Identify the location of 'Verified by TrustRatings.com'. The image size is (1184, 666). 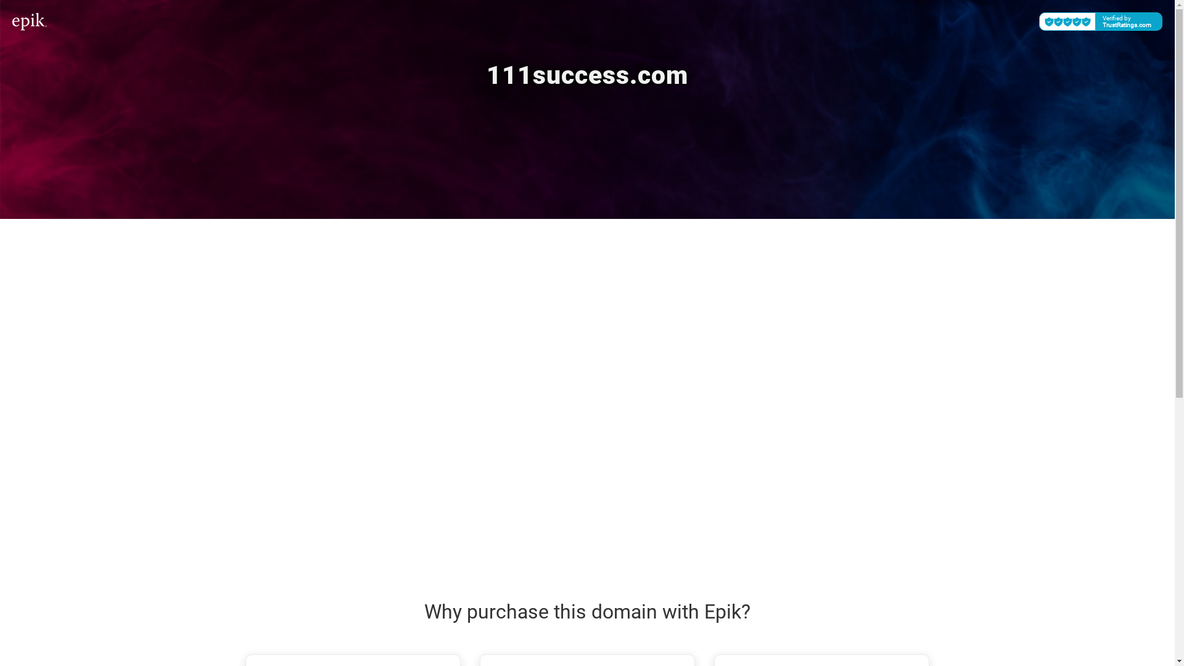
(1101, 21).